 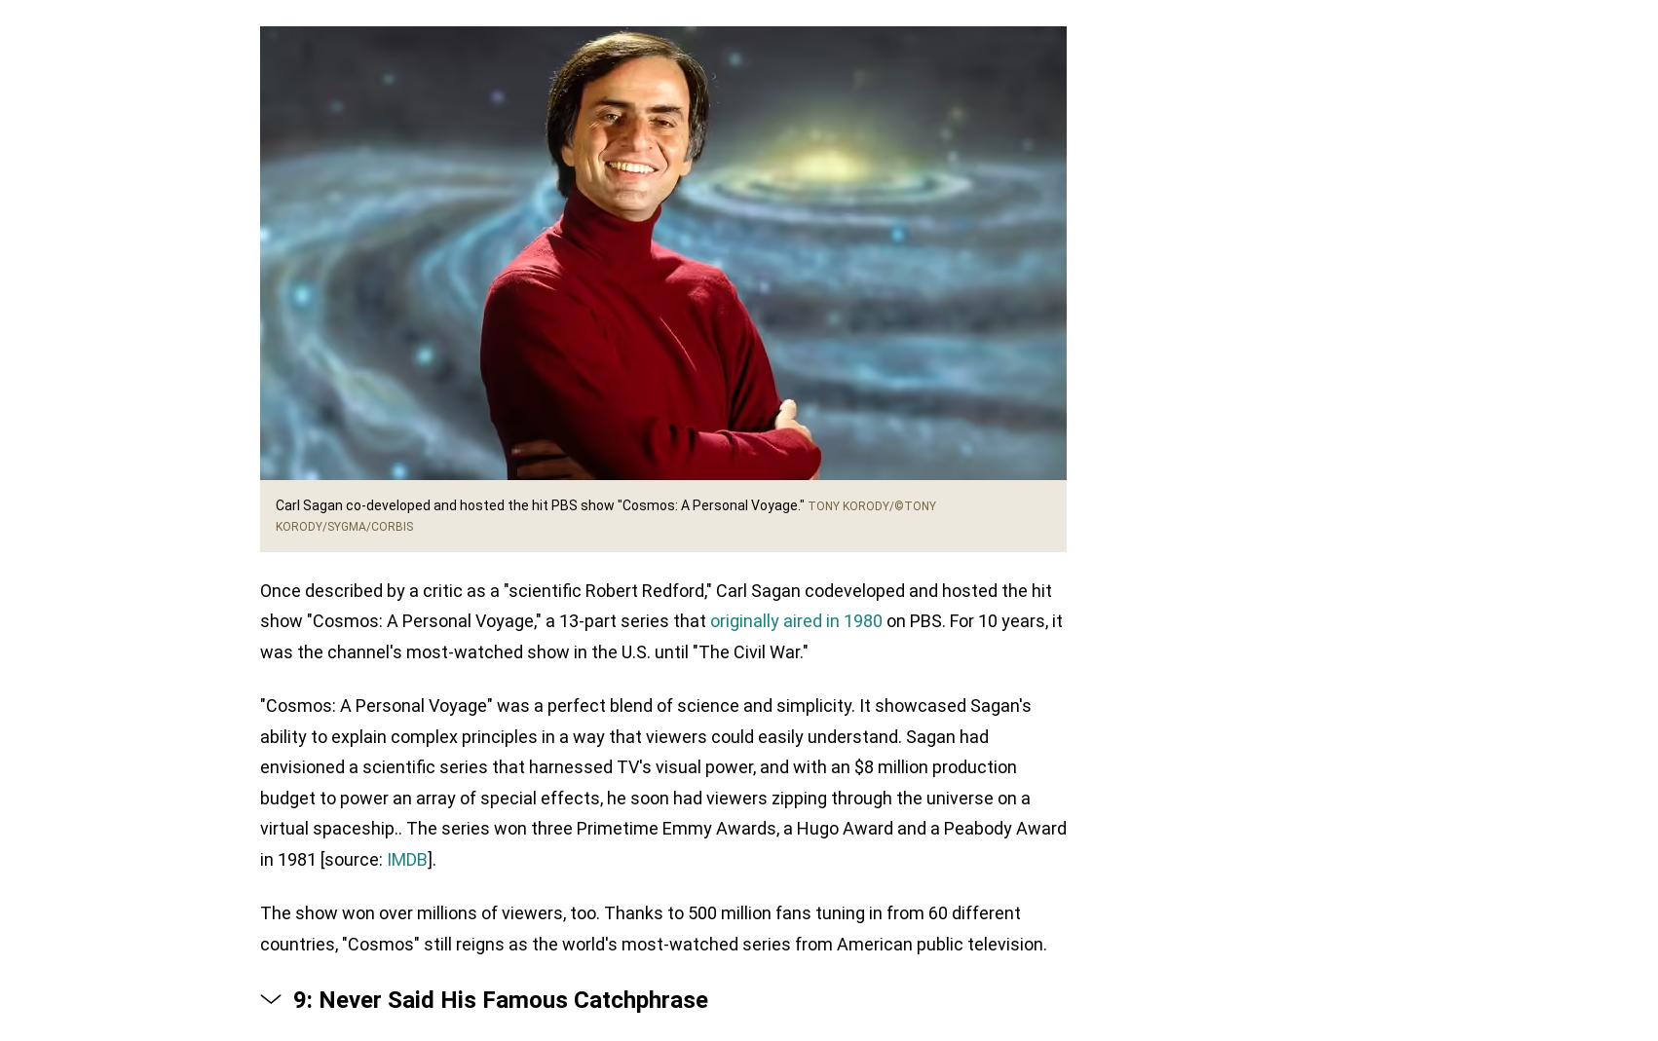 What do you see at coordinates (431, 857) in the screenshot?
I see `'].'` at bounding box center [431, 857].